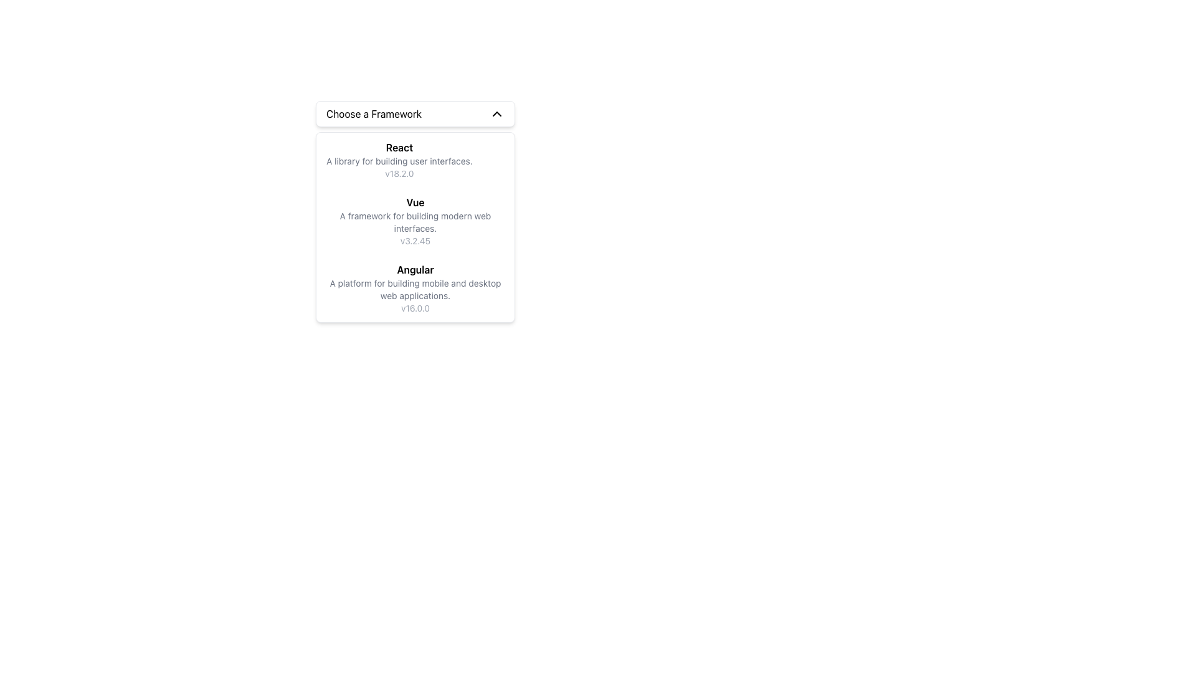 The width and height of the screenshot is (1196, 673). Describe the element at coordinates (415, 222) in the screenshot. I see `the informational text describing the 'Vue' framework, located below the heading 'Vue' and above the version text 'v3.2.45' in the dropdown menu` at that location.